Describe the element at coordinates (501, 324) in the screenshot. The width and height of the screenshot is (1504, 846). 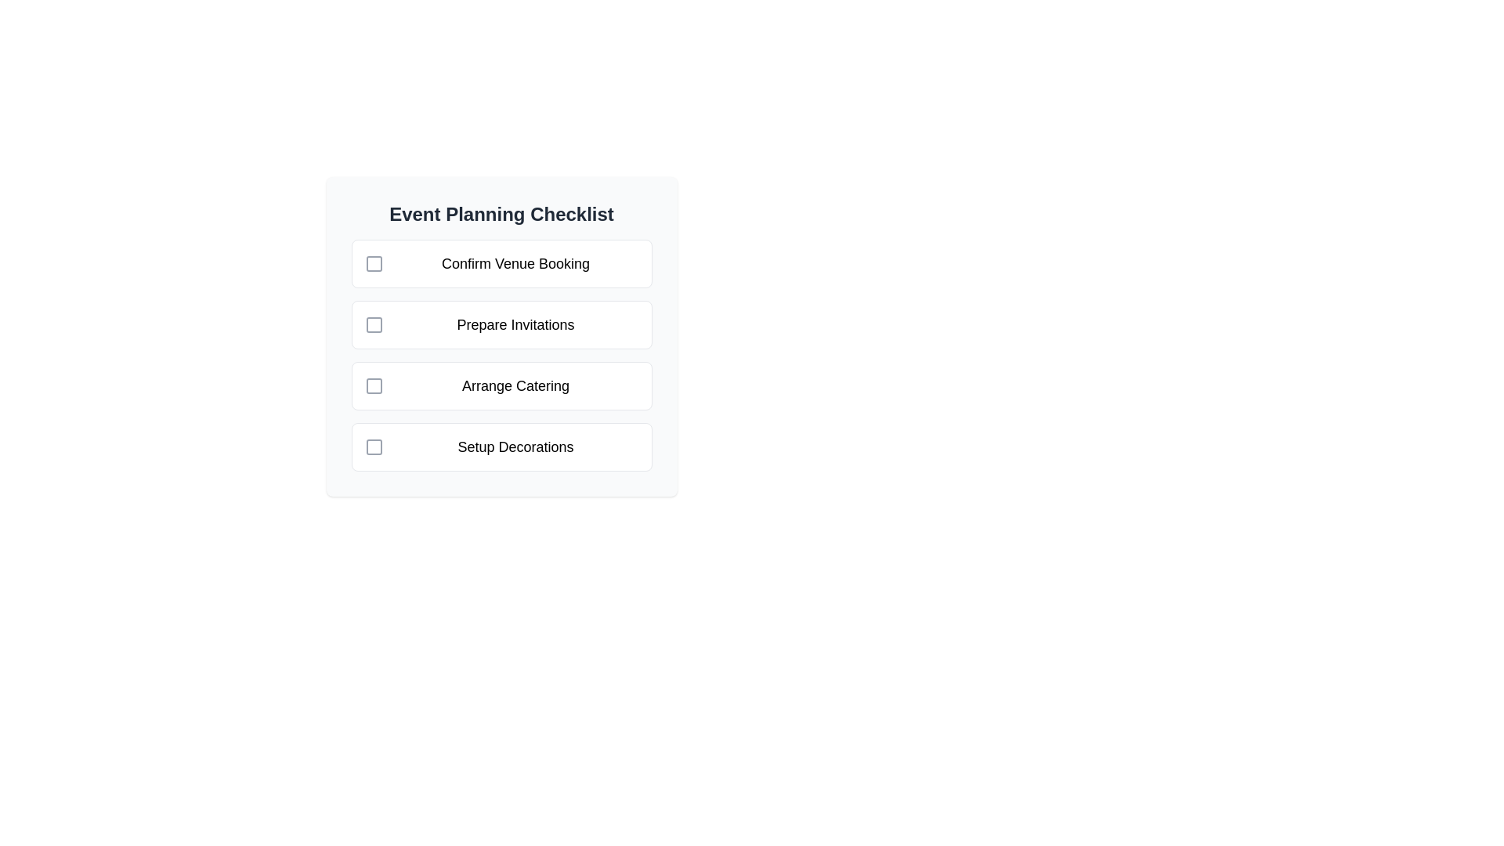
I see `the second item` at that location.